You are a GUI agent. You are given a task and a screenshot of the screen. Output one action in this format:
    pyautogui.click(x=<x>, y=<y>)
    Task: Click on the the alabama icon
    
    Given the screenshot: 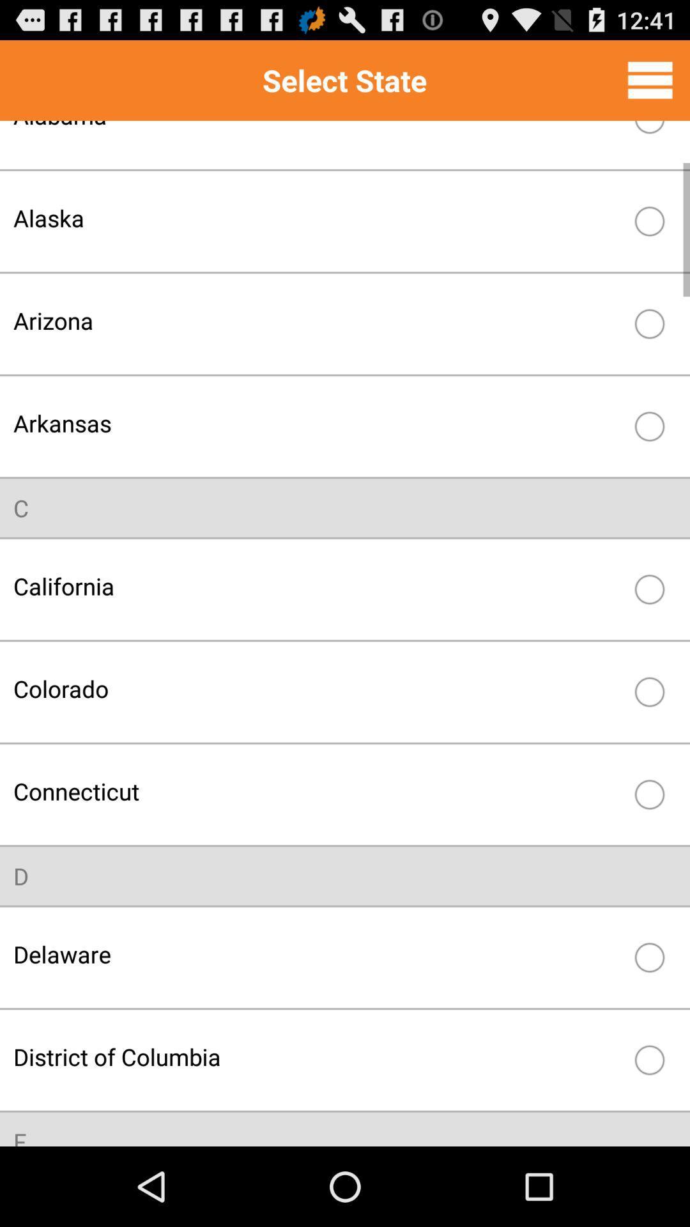 What is the action you would take?
    pyautogui.click(x=317, y=135)
    